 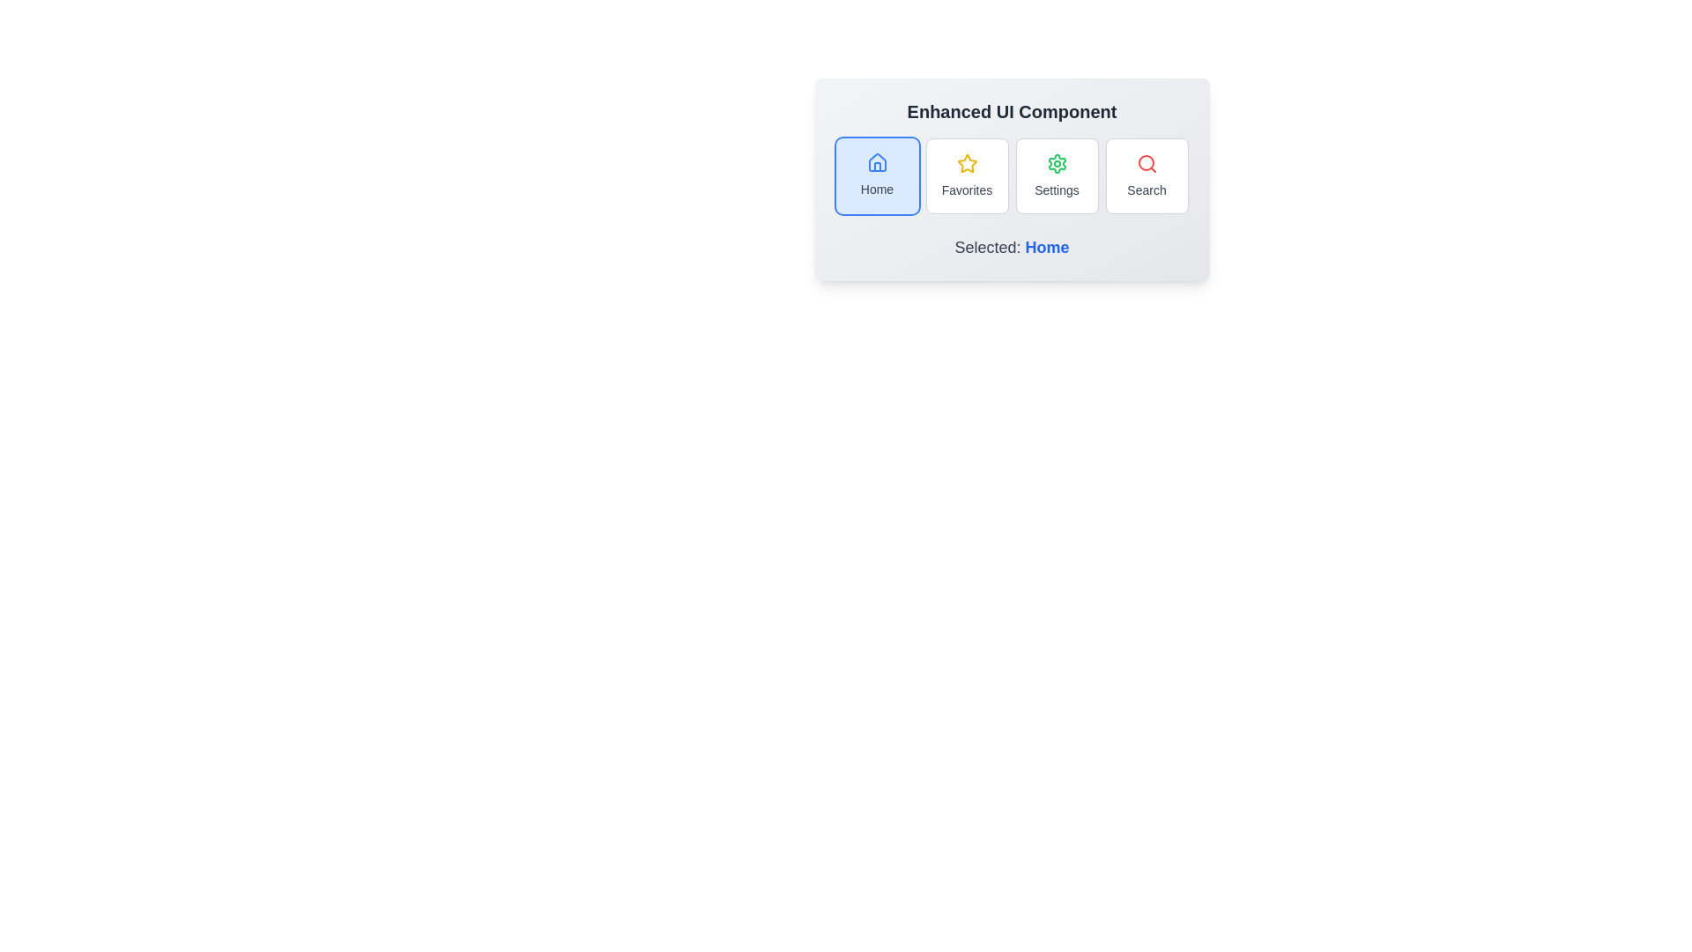 I want to click on the 'Home' icon, which serves as a visual representation for the 'Home' button used to navigate to the main interface of the application, so click(x=877, y=163).